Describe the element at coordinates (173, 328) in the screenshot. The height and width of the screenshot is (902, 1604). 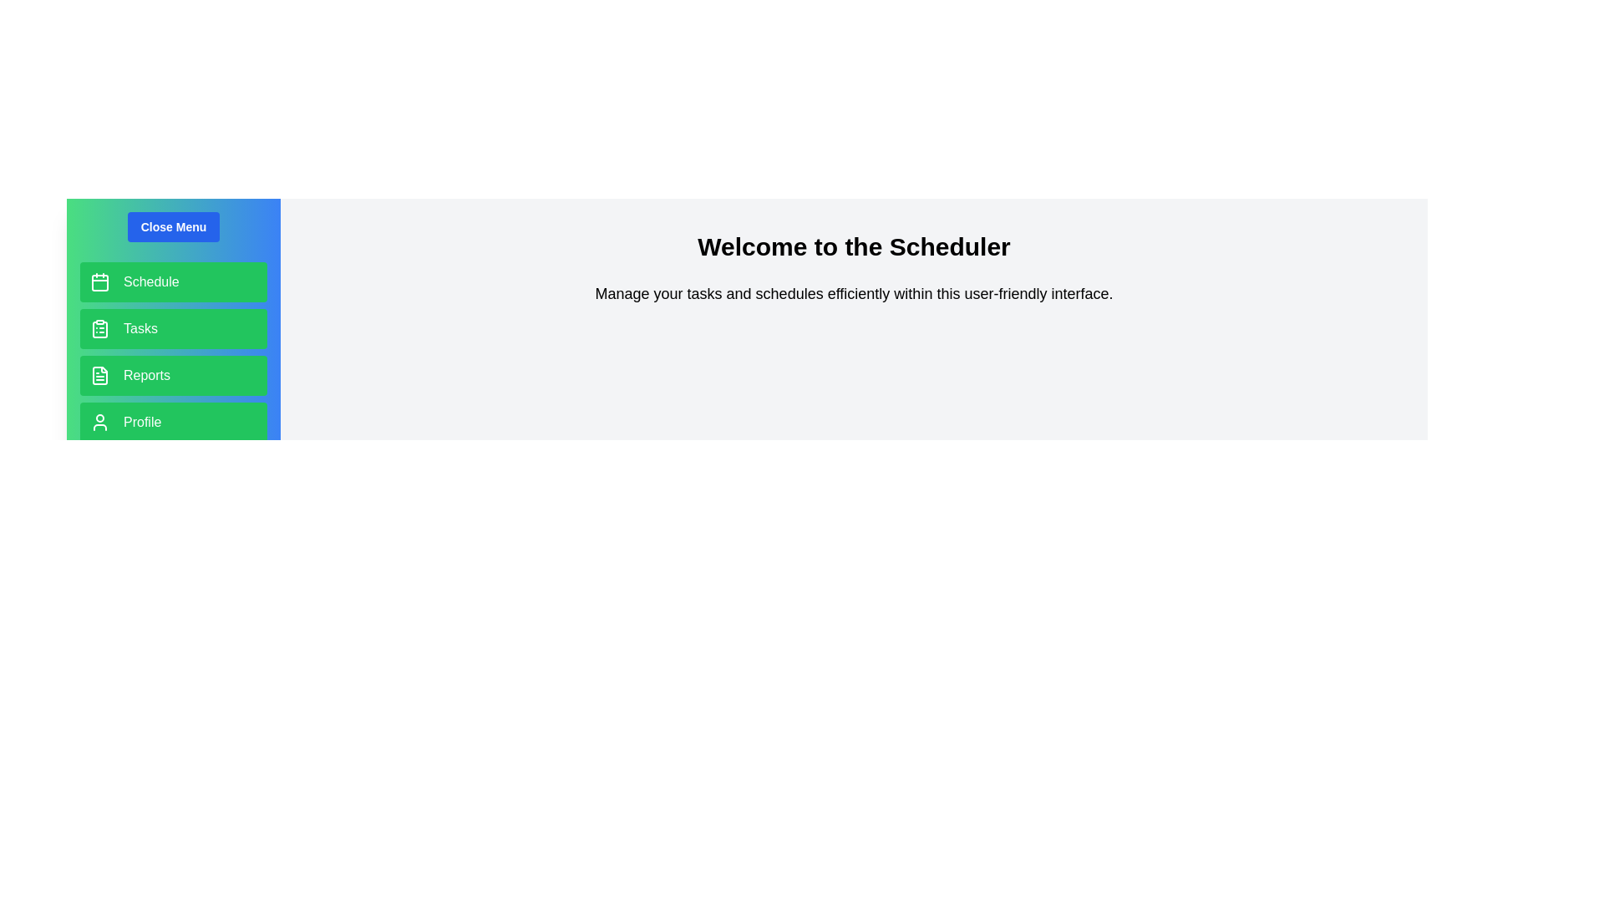
I see `the menu item Tasks to observe its hover effect` at that location.